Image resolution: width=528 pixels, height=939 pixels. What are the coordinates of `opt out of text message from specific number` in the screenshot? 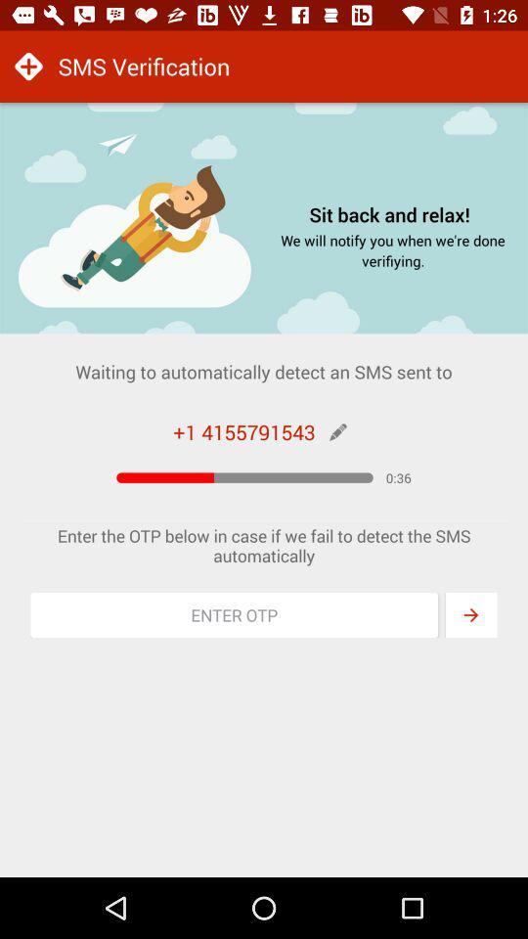 It's located at (234, 614).